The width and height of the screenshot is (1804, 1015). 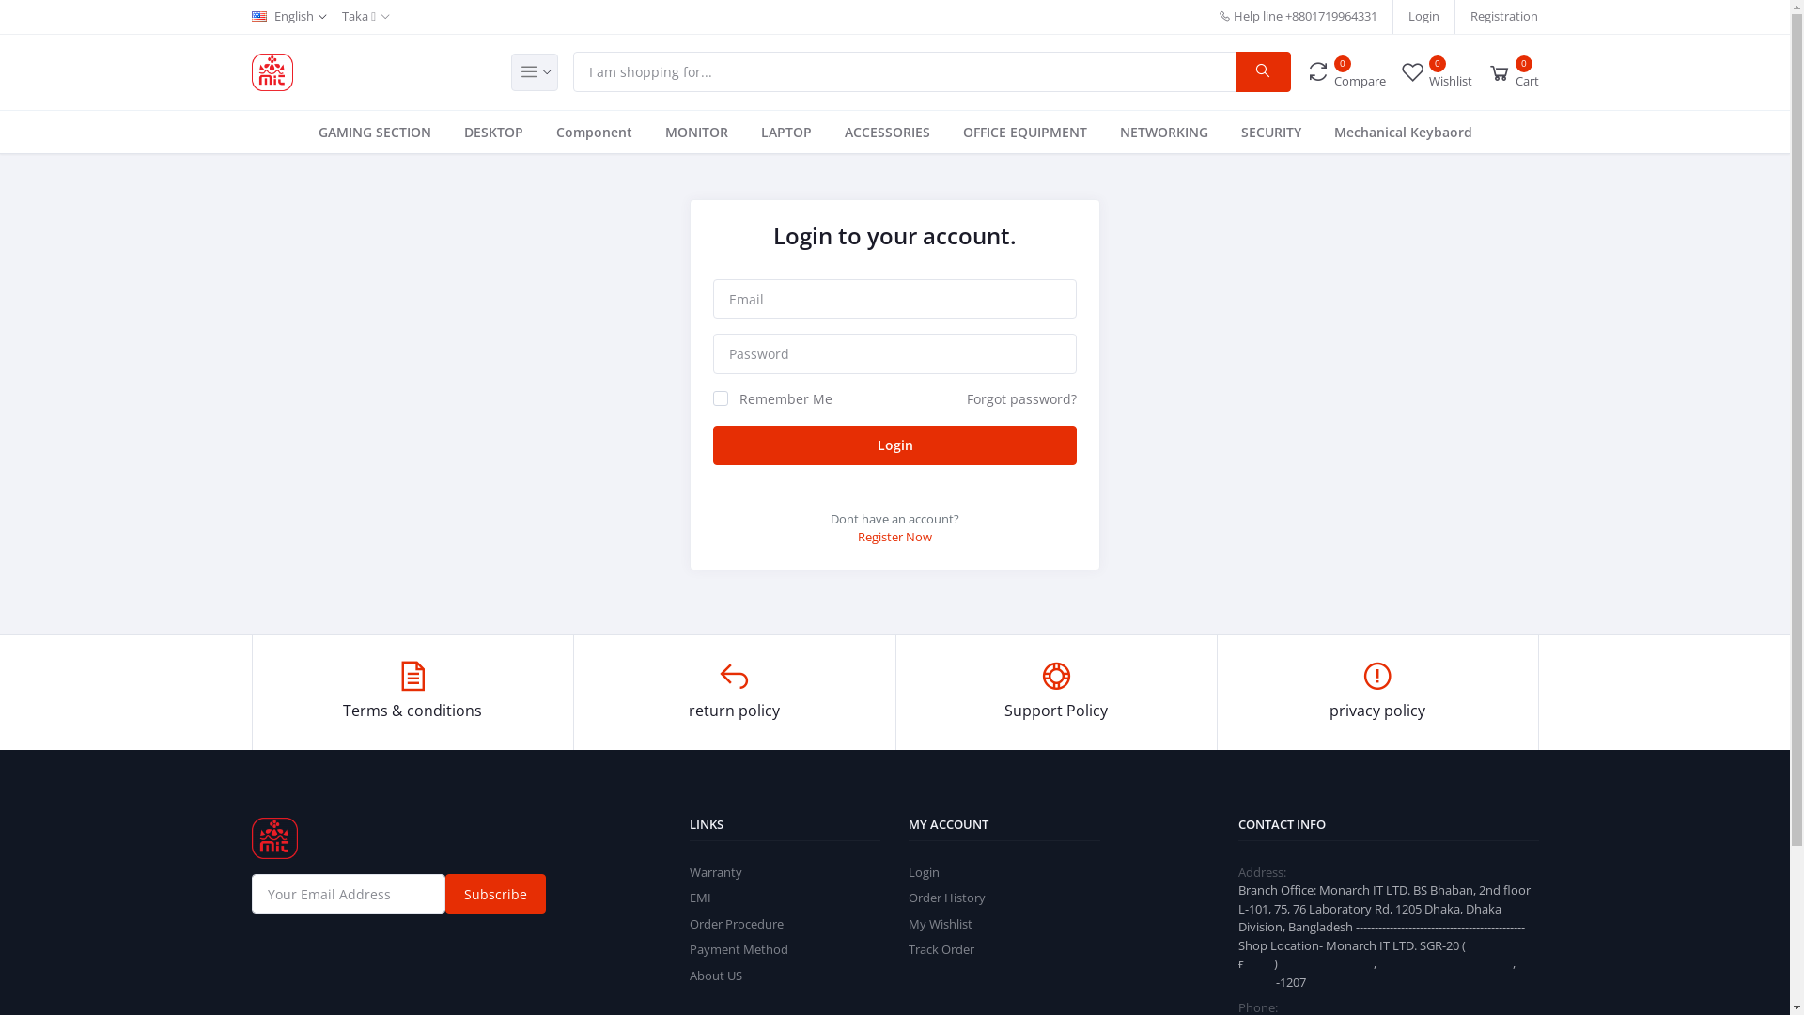 I want to click on 'return policy', so click(x=733, y=692).